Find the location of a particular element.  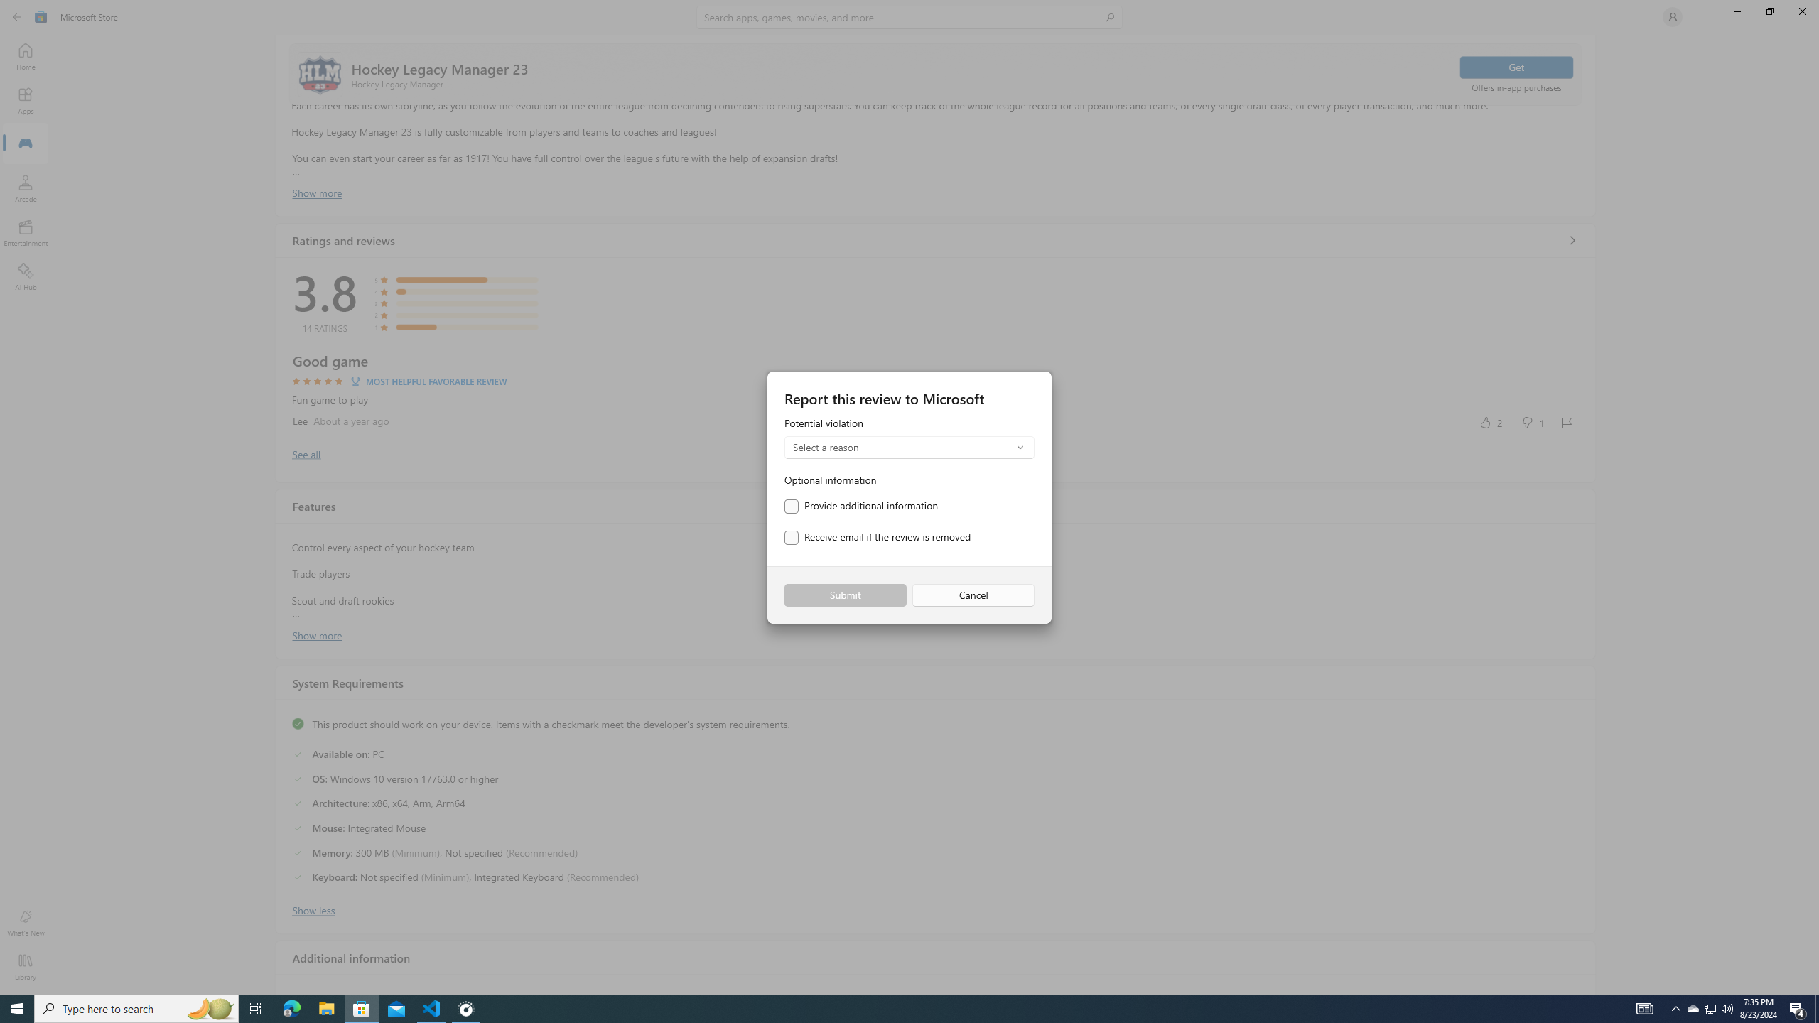

'Entertainment' is located at coordinates (24, 232).